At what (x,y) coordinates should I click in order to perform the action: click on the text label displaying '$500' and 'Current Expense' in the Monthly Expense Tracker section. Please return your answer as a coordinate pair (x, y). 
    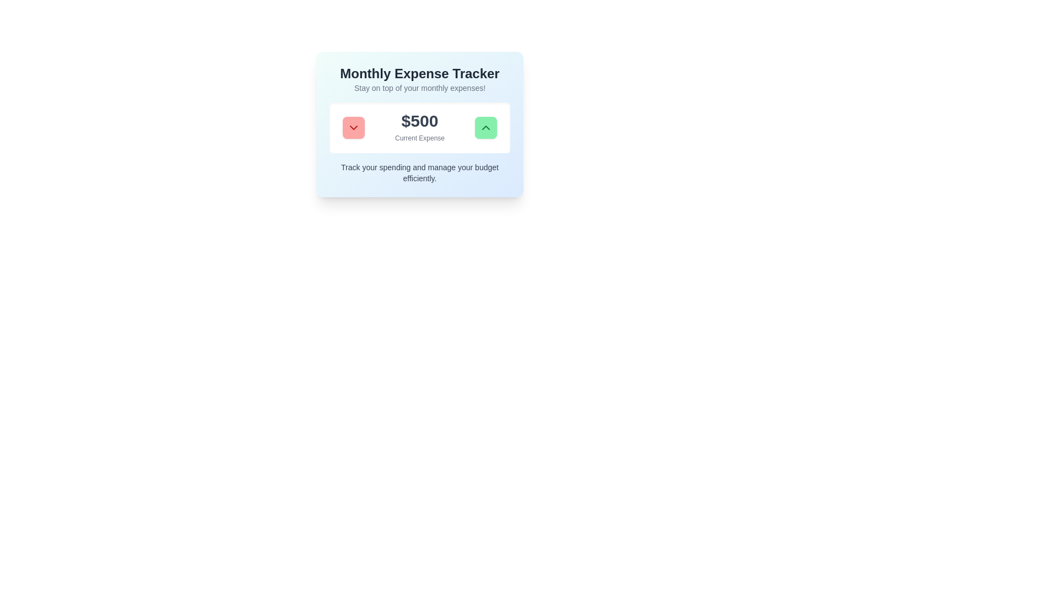
    Looking at the image, I should click on (419, 127).